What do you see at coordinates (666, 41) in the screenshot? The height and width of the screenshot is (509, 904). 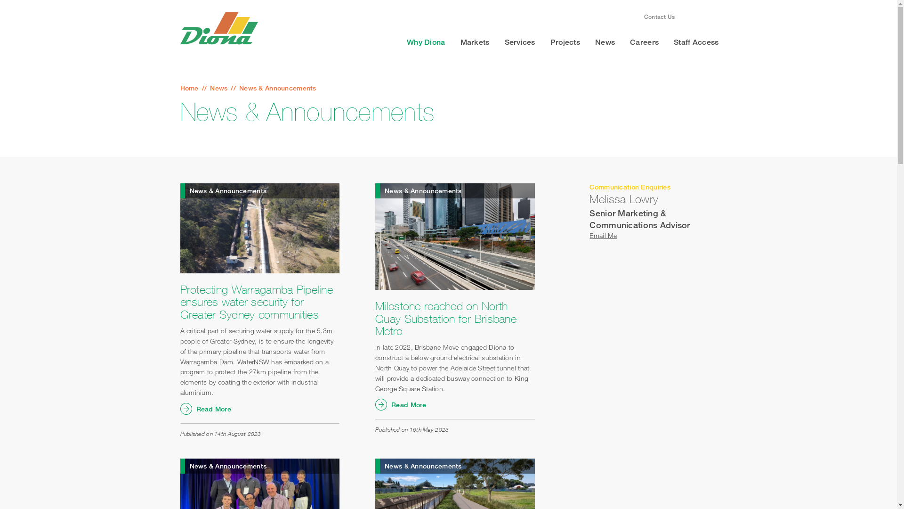 I see `'Staff Access'` at bounding box center [666, 41].